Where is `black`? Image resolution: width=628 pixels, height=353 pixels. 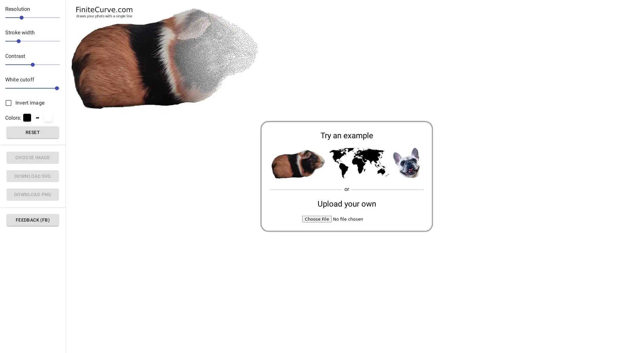
black is located at coordinates (26, 117).